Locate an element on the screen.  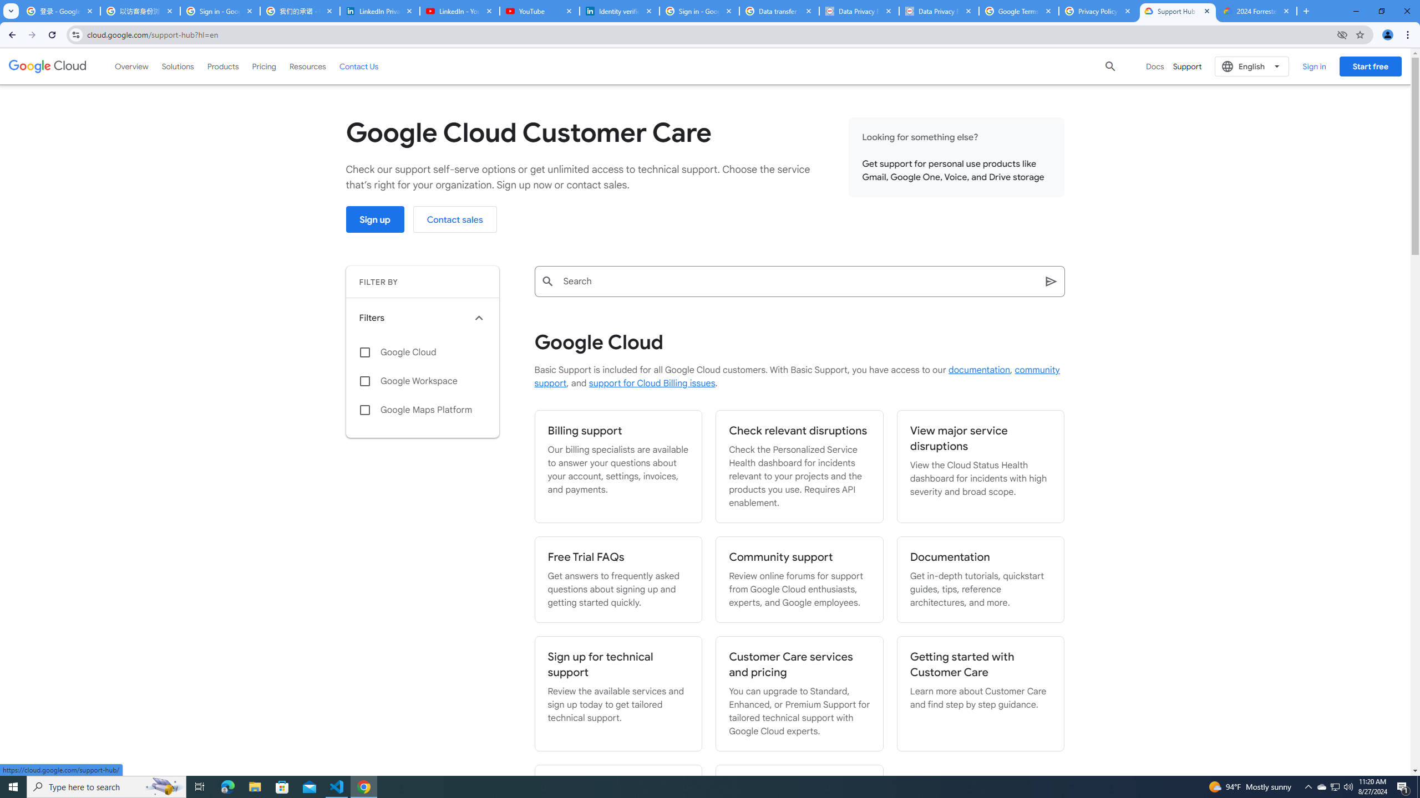
'LinkedIn - YouTube' is located at coordinates (459, 11).